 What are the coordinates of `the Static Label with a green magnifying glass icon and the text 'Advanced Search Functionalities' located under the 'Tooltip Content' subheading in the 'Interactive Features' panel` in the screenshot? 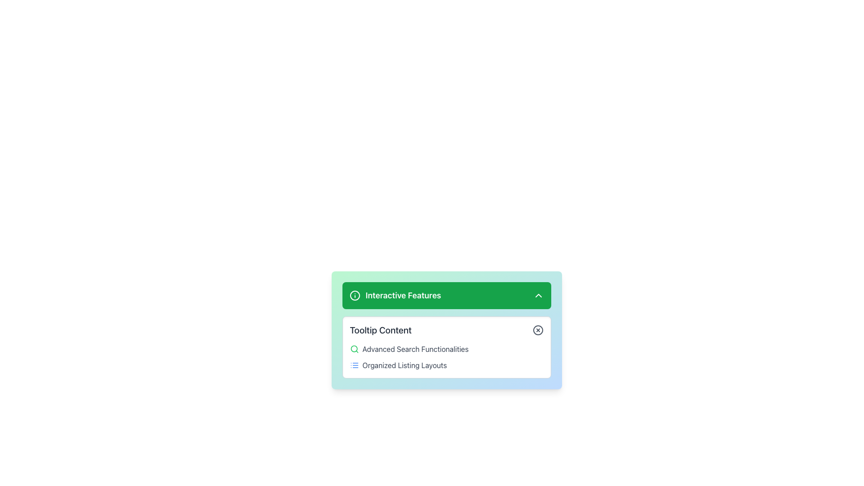 It's located at (446, 348).